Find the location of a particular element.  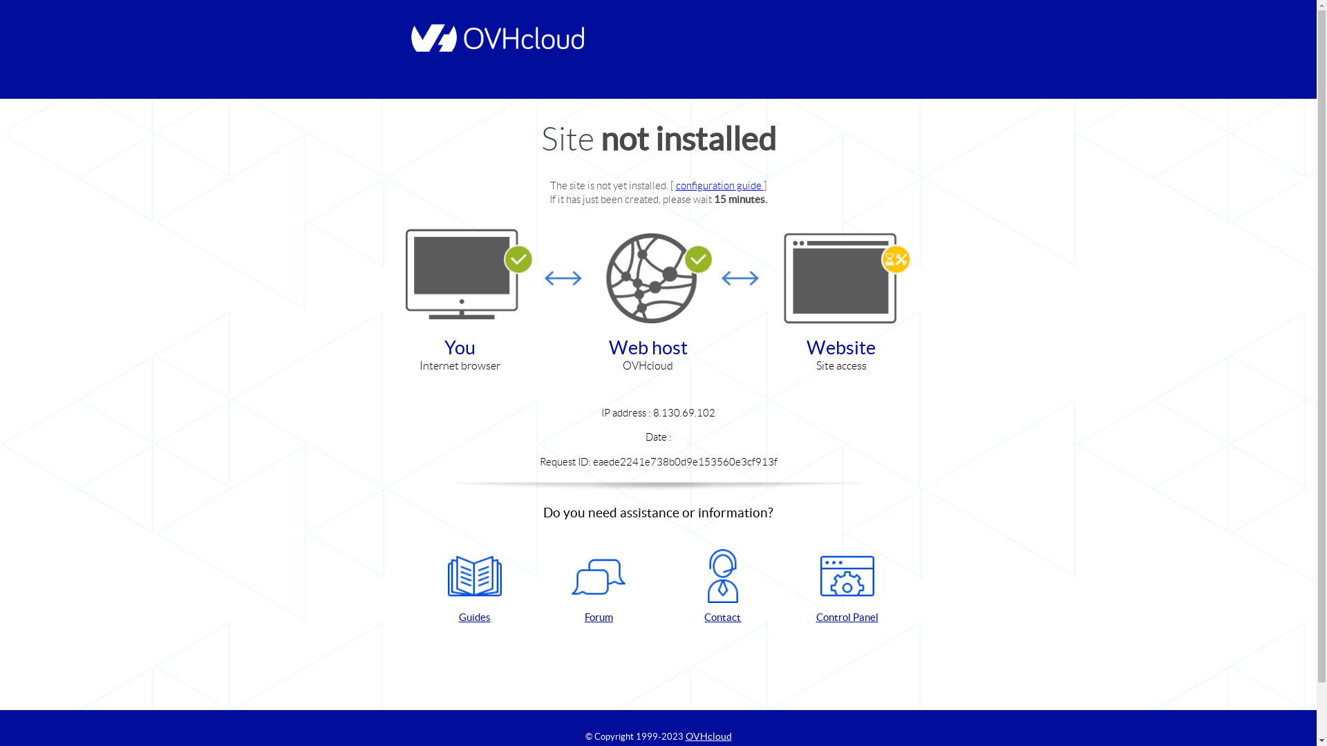

'Contact' is located at coordinates (722, 586).